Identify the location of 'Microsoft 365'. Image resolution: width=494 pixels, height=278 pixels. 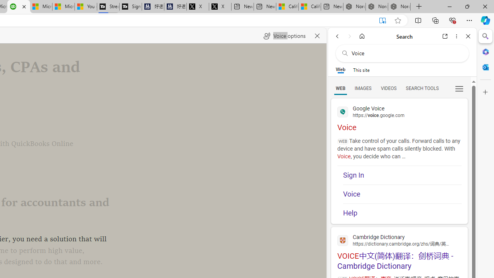
(485, 51).